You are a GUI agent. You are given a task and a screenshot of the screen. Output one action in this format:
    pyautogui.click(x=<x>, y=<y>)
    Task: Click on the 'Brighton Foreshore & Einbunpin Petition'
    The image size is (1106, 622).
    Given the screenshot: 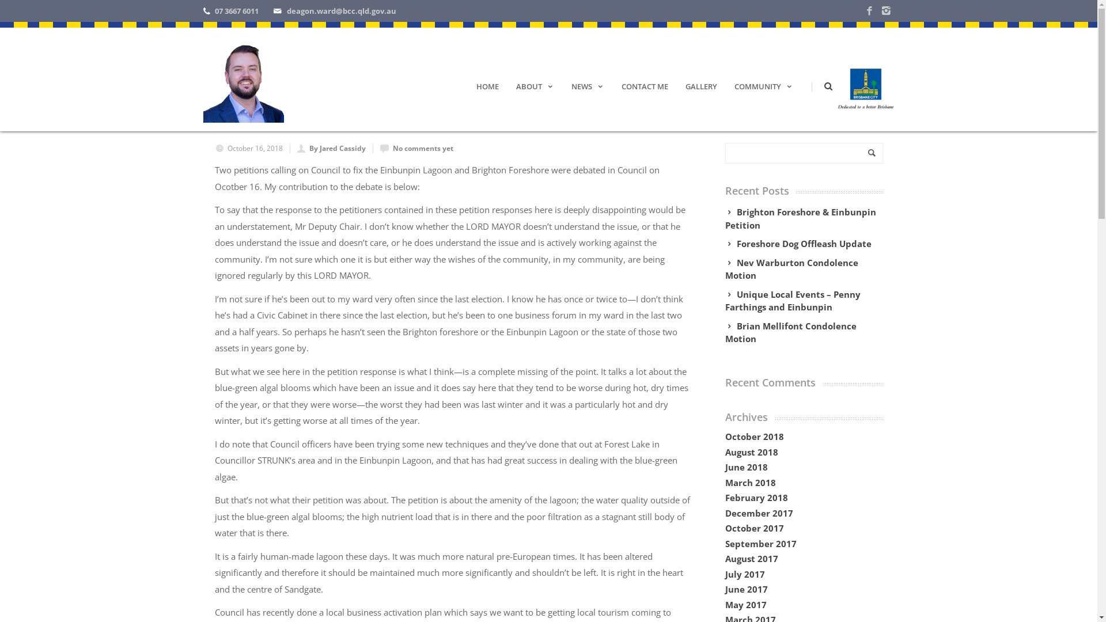 What is the action you would take?
    pyautogui.click(x=724, y=218)
    